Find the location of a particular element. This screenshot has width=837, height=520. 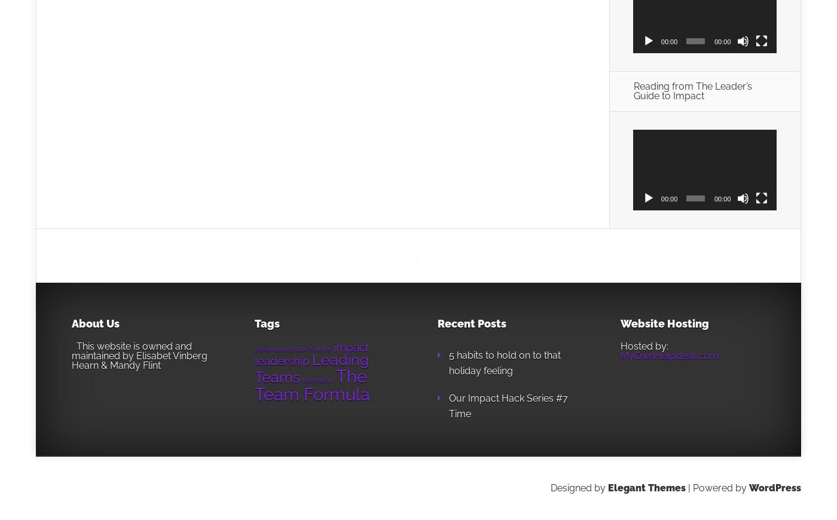

'book' is located at coordinates (290, 347).